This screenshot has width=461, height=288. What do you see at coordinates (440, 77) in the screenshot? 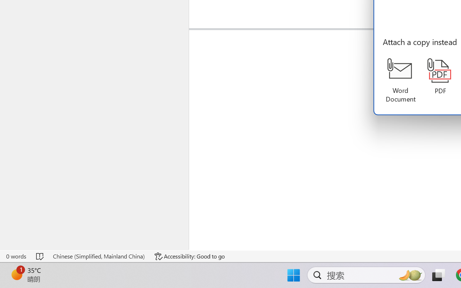
I see `'PDF'` at bounding box center [440, 77].